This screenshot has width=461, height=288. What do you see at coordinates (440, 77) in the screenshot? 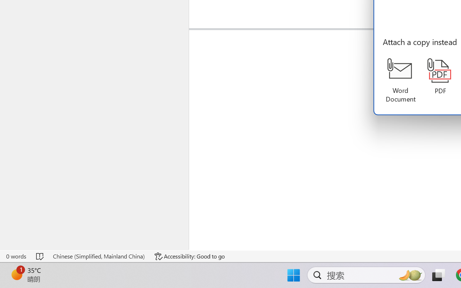
I see `'PDF'` at bounding box center [440, 77].